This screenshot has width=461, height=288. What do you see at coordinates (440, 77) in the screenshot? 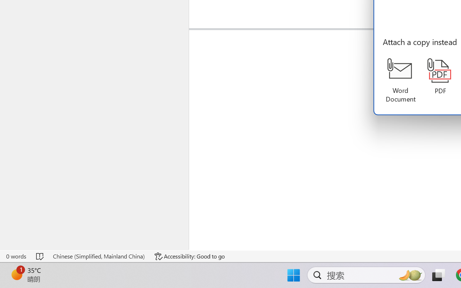
I see `'PDF'` at bounding box center [440, 77].